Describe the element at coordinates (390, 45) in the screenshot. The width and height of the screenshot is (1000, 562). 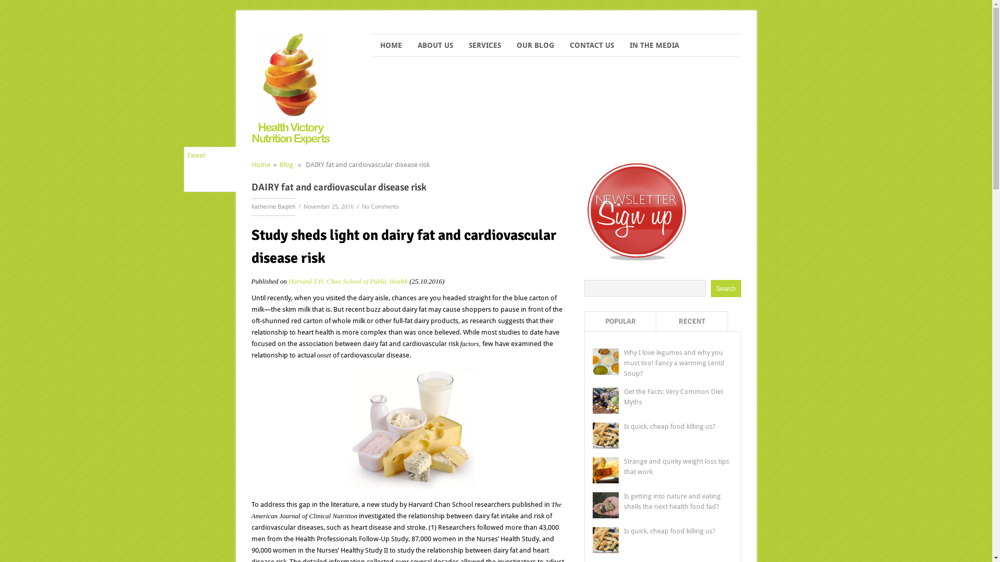
I see `'HOME'` at that location.